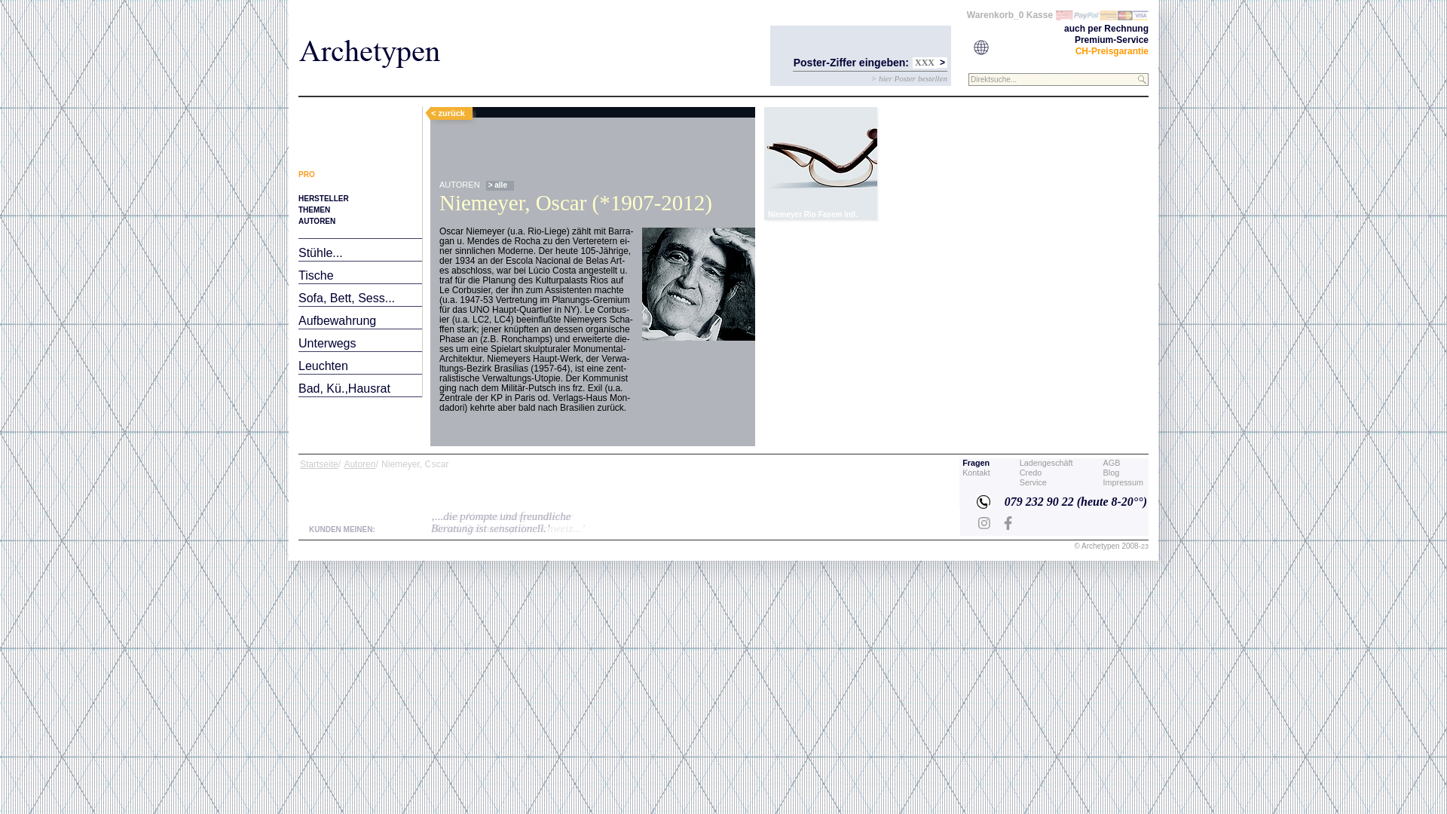 The image size is (1447, 814). I want to click on 'Kasse', so click(1039, 14).